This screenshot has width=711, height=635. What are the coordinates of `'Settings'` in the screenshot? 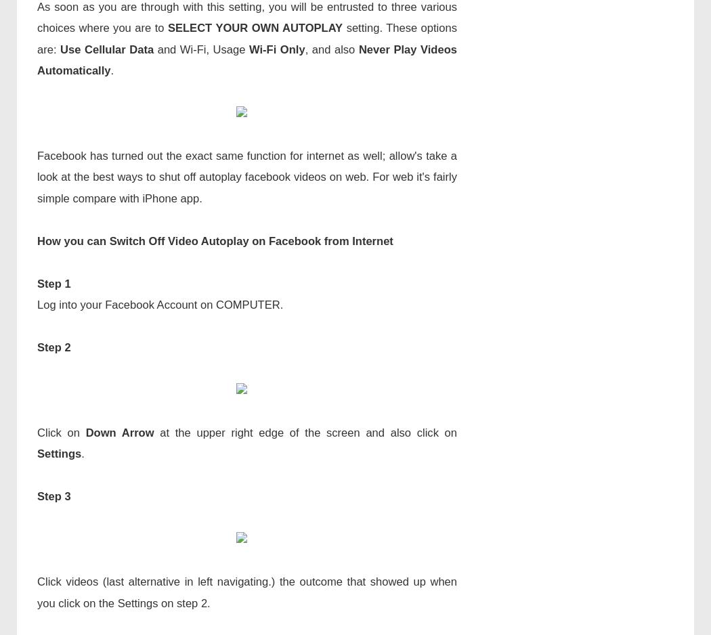 It's located at (59, 454).